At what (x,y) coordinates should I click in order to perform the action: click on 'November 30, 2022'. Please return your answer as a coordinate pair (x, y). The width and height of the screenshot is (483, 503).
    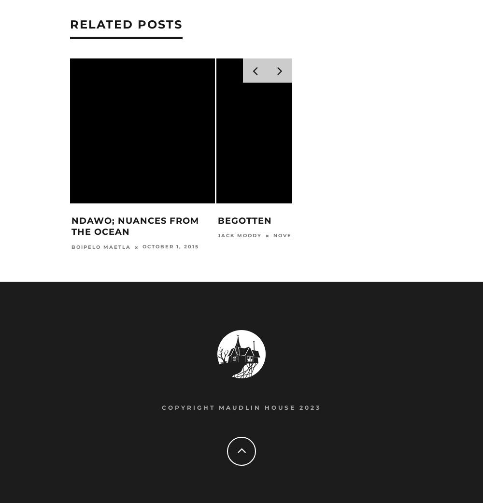
    Looking at the image, I should click on (308, 236).